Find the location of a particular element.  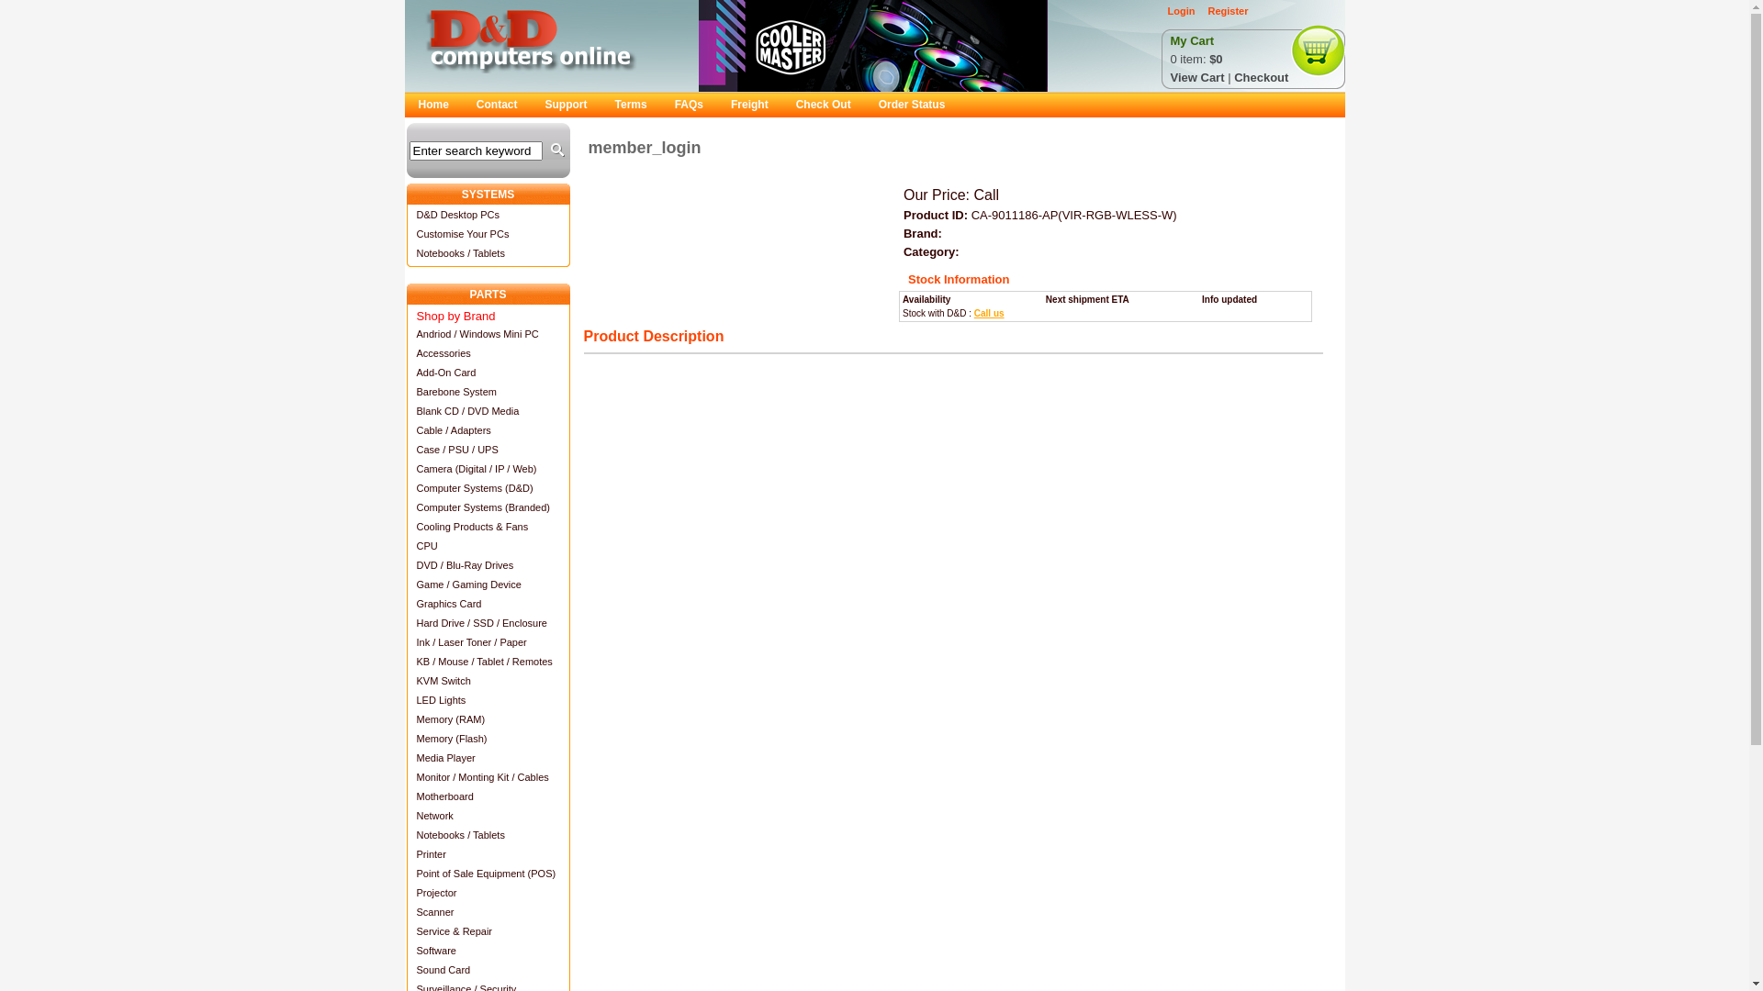

'Blank CD / DVD Media' is located at coordinates (488, 409).